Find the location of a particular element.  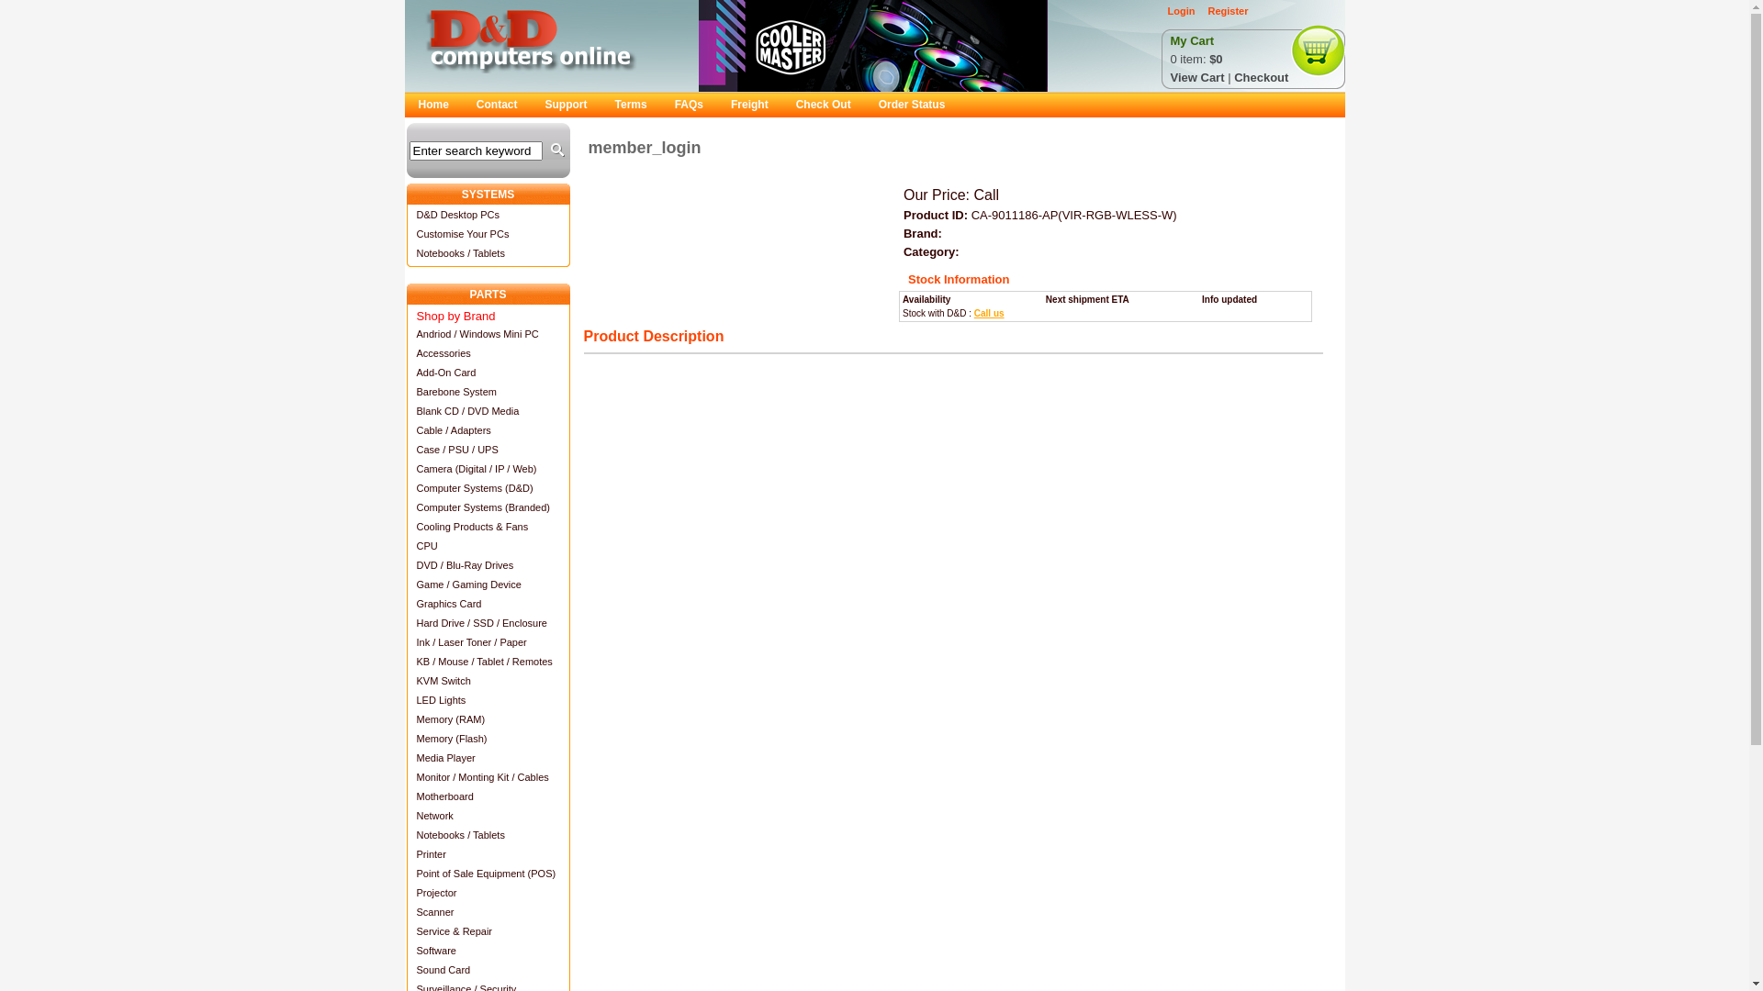

'Blank CD / DVD Media' is located at coordinates (488, 409).